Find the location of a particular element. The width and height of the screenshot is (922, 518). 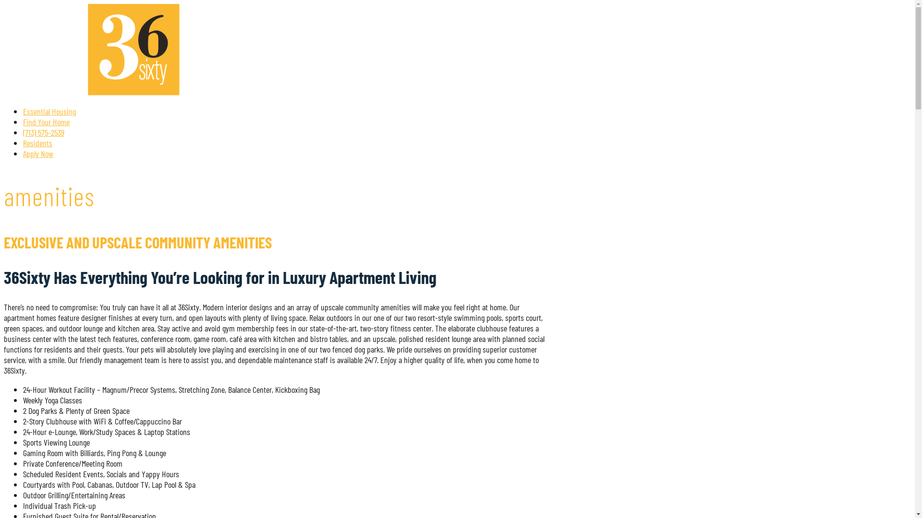

'(713) 575-2539' is located at coordinates (43, 132).